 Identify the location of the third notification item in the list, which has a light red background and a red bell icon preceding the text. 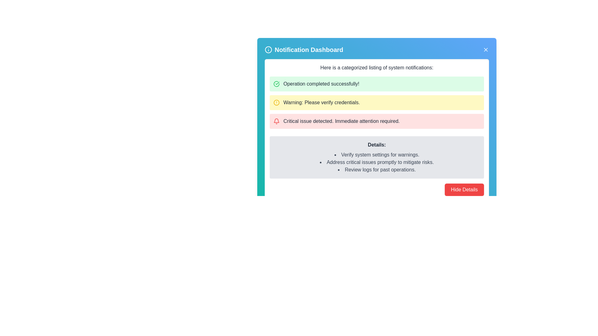
(376, 121).